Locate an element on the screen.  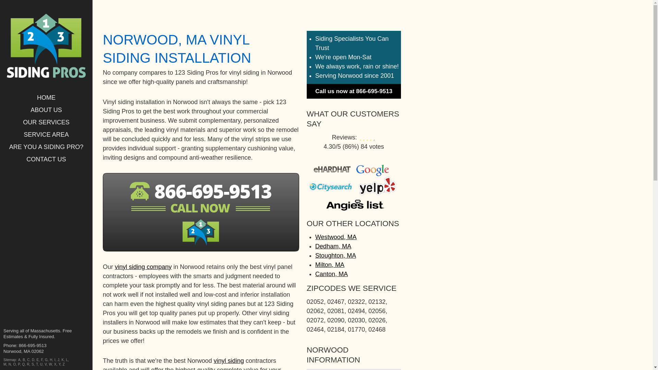
'ABOUT US' is located at coordinates (46, 109).